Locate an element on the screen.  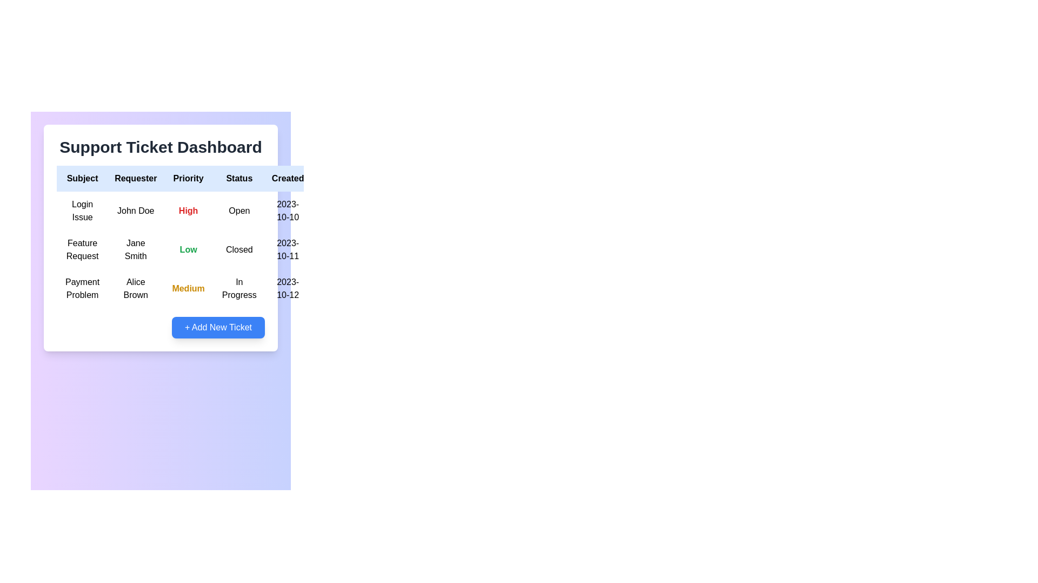
the third row of the ticket table that displays details of a support ticket, located between the 'Feature Request' row and the '+ Add New Ticket' button is located at coordinates (207, 288).